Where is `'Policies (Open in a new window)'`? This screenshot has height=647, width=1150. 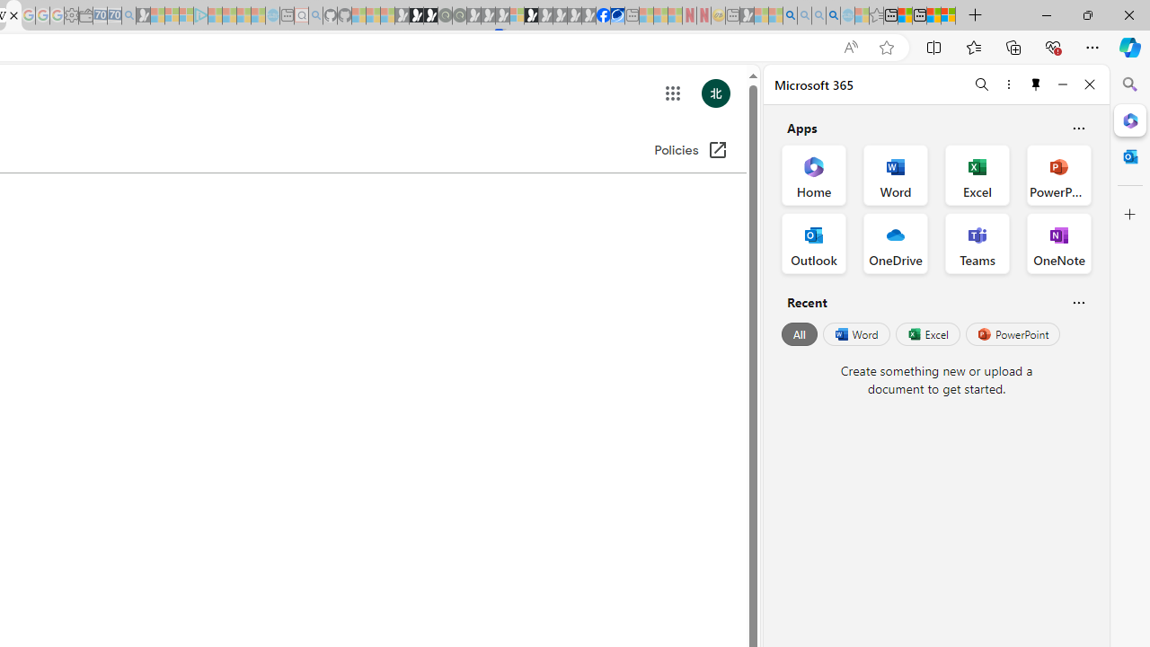 'Policies (Open in a new window)' is located at coordinates (690, 150).